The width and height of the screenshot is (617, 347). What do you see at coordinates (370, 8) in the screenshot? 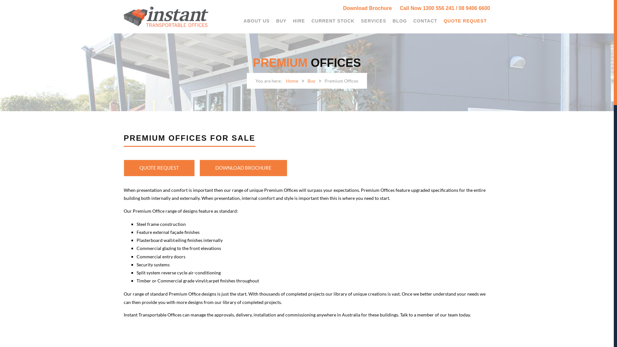
I see `'Download Brochure'` at bounding box center [370, 8].